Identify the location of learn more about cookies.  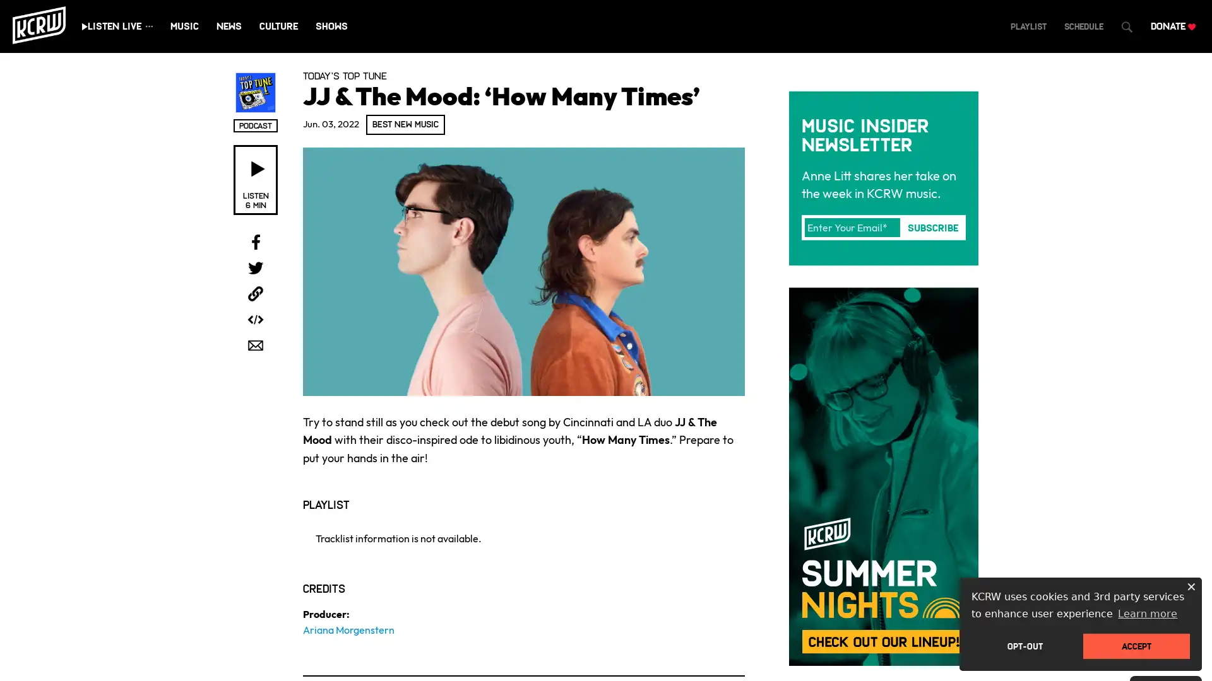
(1148, 613).